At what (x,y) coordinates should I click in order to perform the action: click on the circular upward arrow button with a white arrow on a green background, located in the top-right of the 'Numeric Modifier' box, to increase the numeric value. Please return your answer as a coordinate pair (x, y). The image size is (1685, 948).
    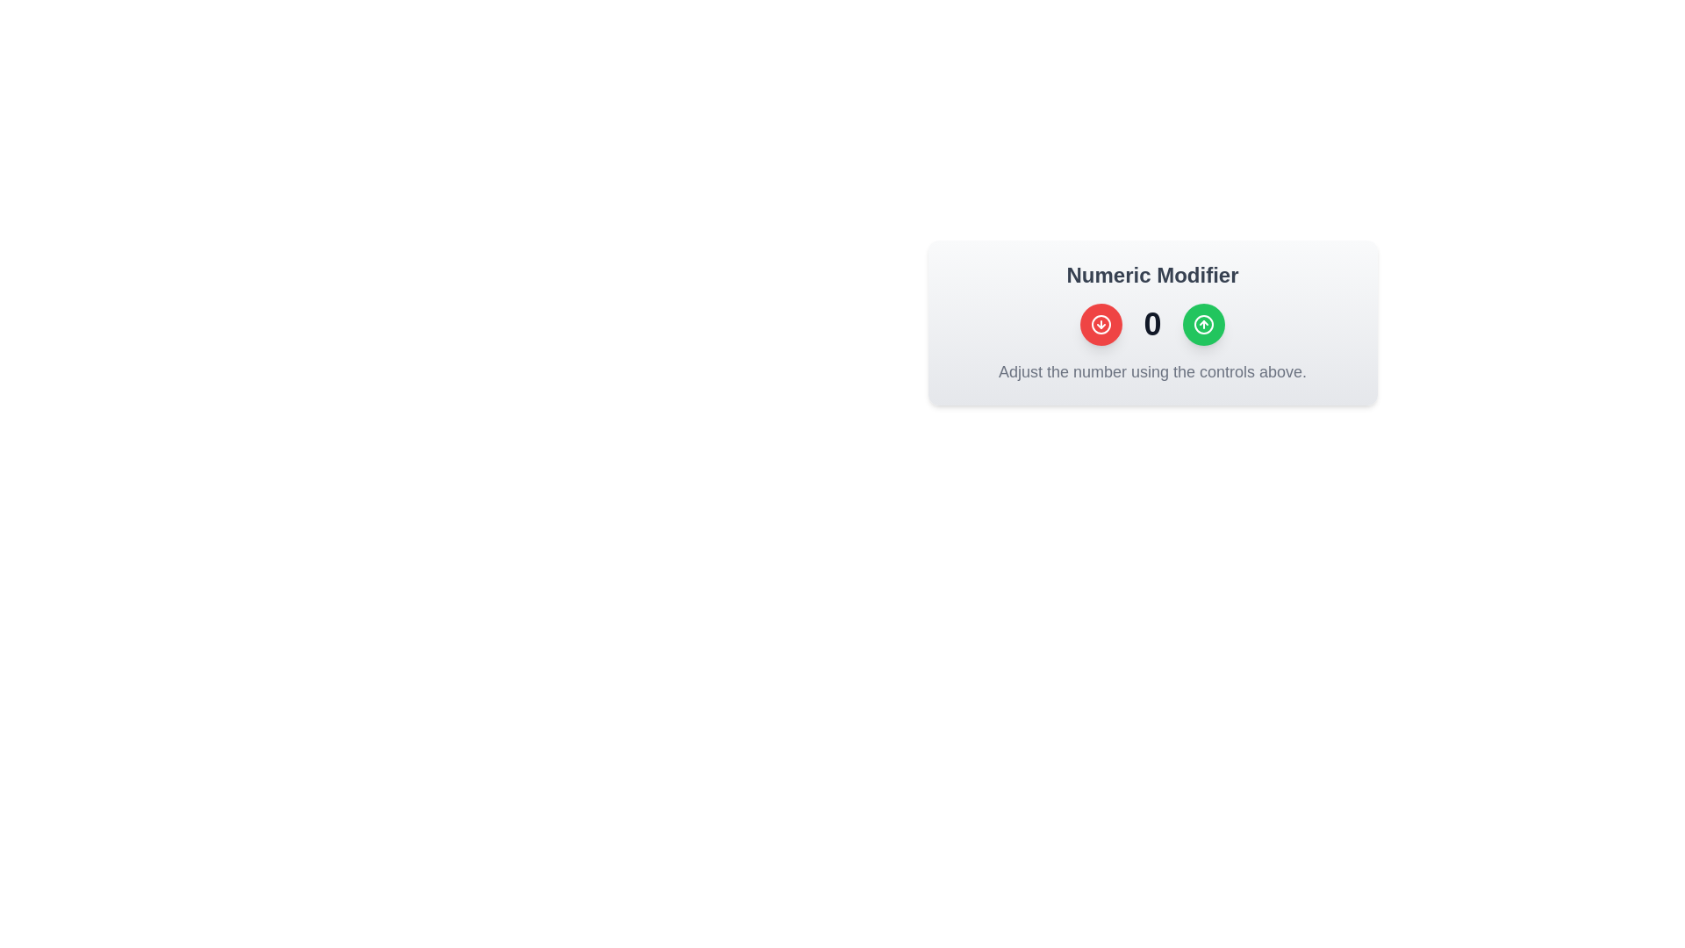
    Looking at the image, I should click on (1202, 325).